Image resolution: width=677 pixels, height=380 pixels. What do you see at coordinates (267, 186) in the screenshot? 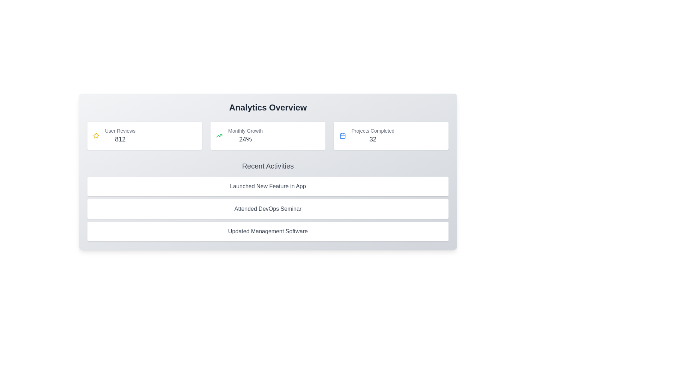
I see `the first Text card with the text 'Launched New Feature in App' located under the 'Recent Activities' section` at bounding box center [267, 186].